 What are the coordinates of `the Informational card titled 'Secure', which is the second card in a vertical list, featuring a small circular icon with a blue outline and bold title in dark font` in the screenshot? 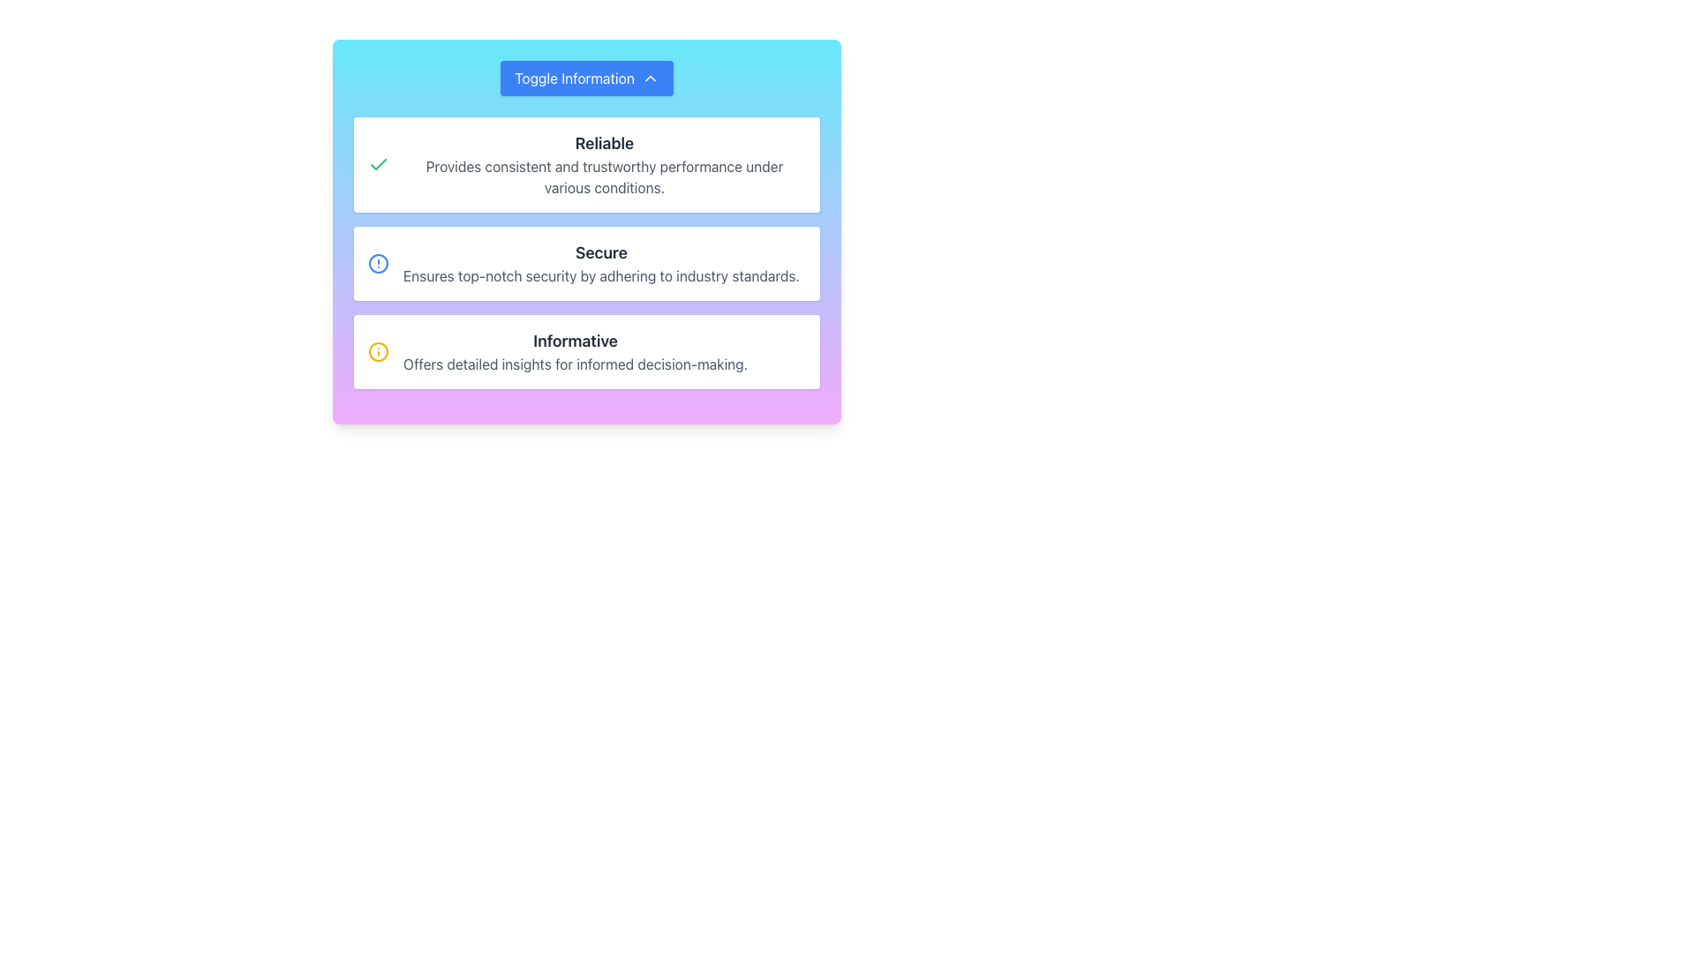 It's located at (587, 264).